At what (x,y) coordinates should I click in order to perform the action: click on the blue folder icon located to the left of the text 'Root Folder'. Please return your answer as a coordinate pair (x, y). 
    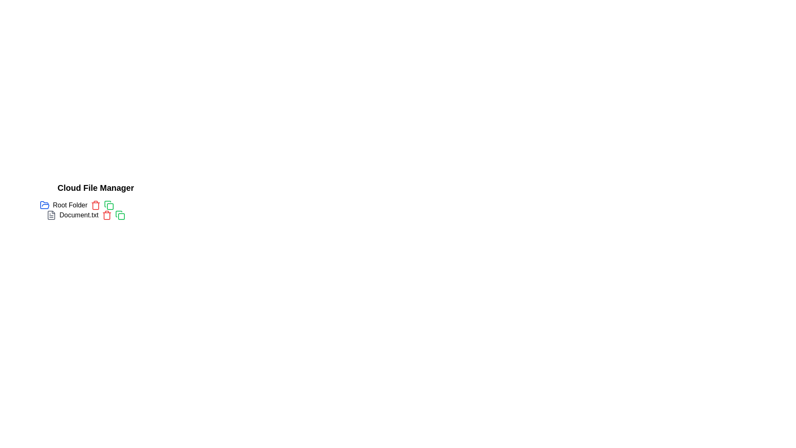
    Looking at the image, I should click on (44, 205).